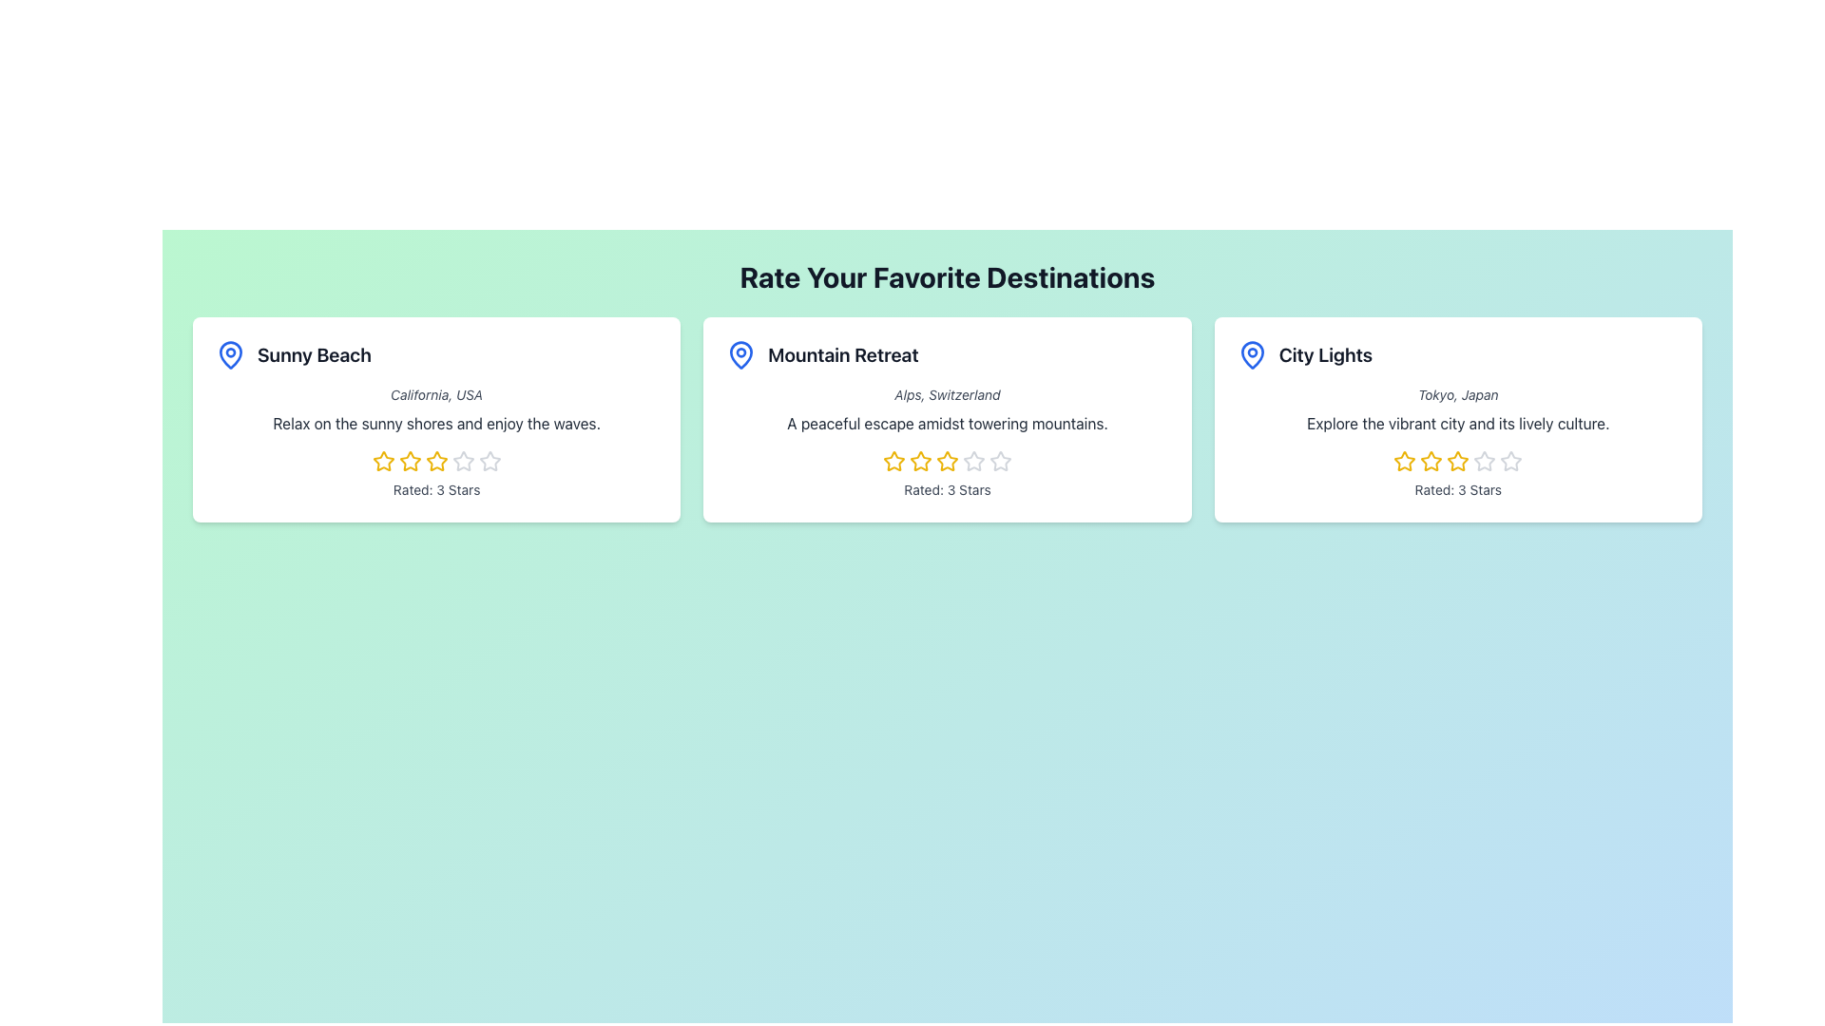 The width and height of the screenshot is (1825, 1026). What do you see at coordinates (1431, 462) in the screenshot?
I see `the third yellow star-shaped icon in the City Lights rating card to rate it` at bounding box center [1431, 462].